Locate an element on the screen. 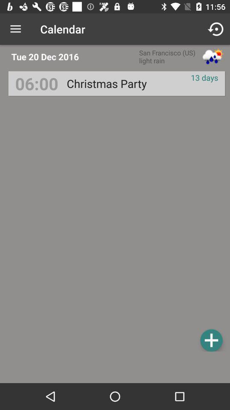  the 13 days item is located at coordinates (204, 77).